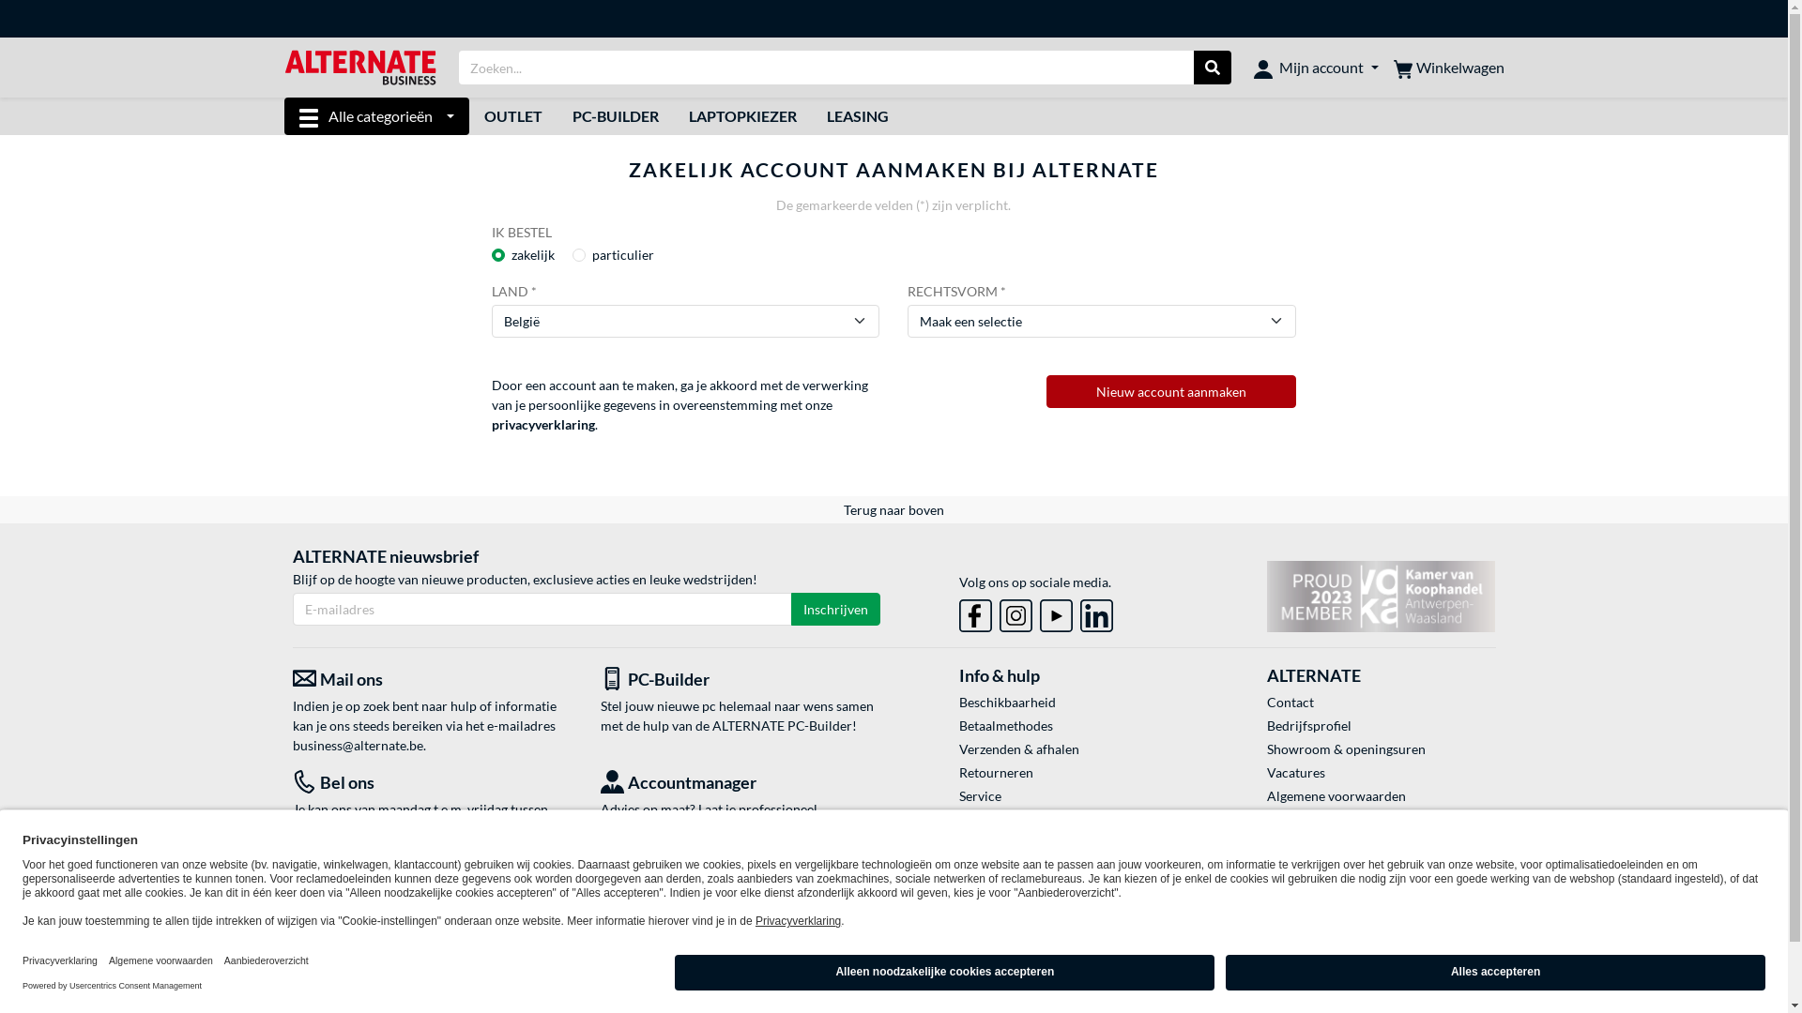  Describe the element at coordinates (1266, 748) in the screenshot. I see `'Showroom & openingsuren'` at that location.